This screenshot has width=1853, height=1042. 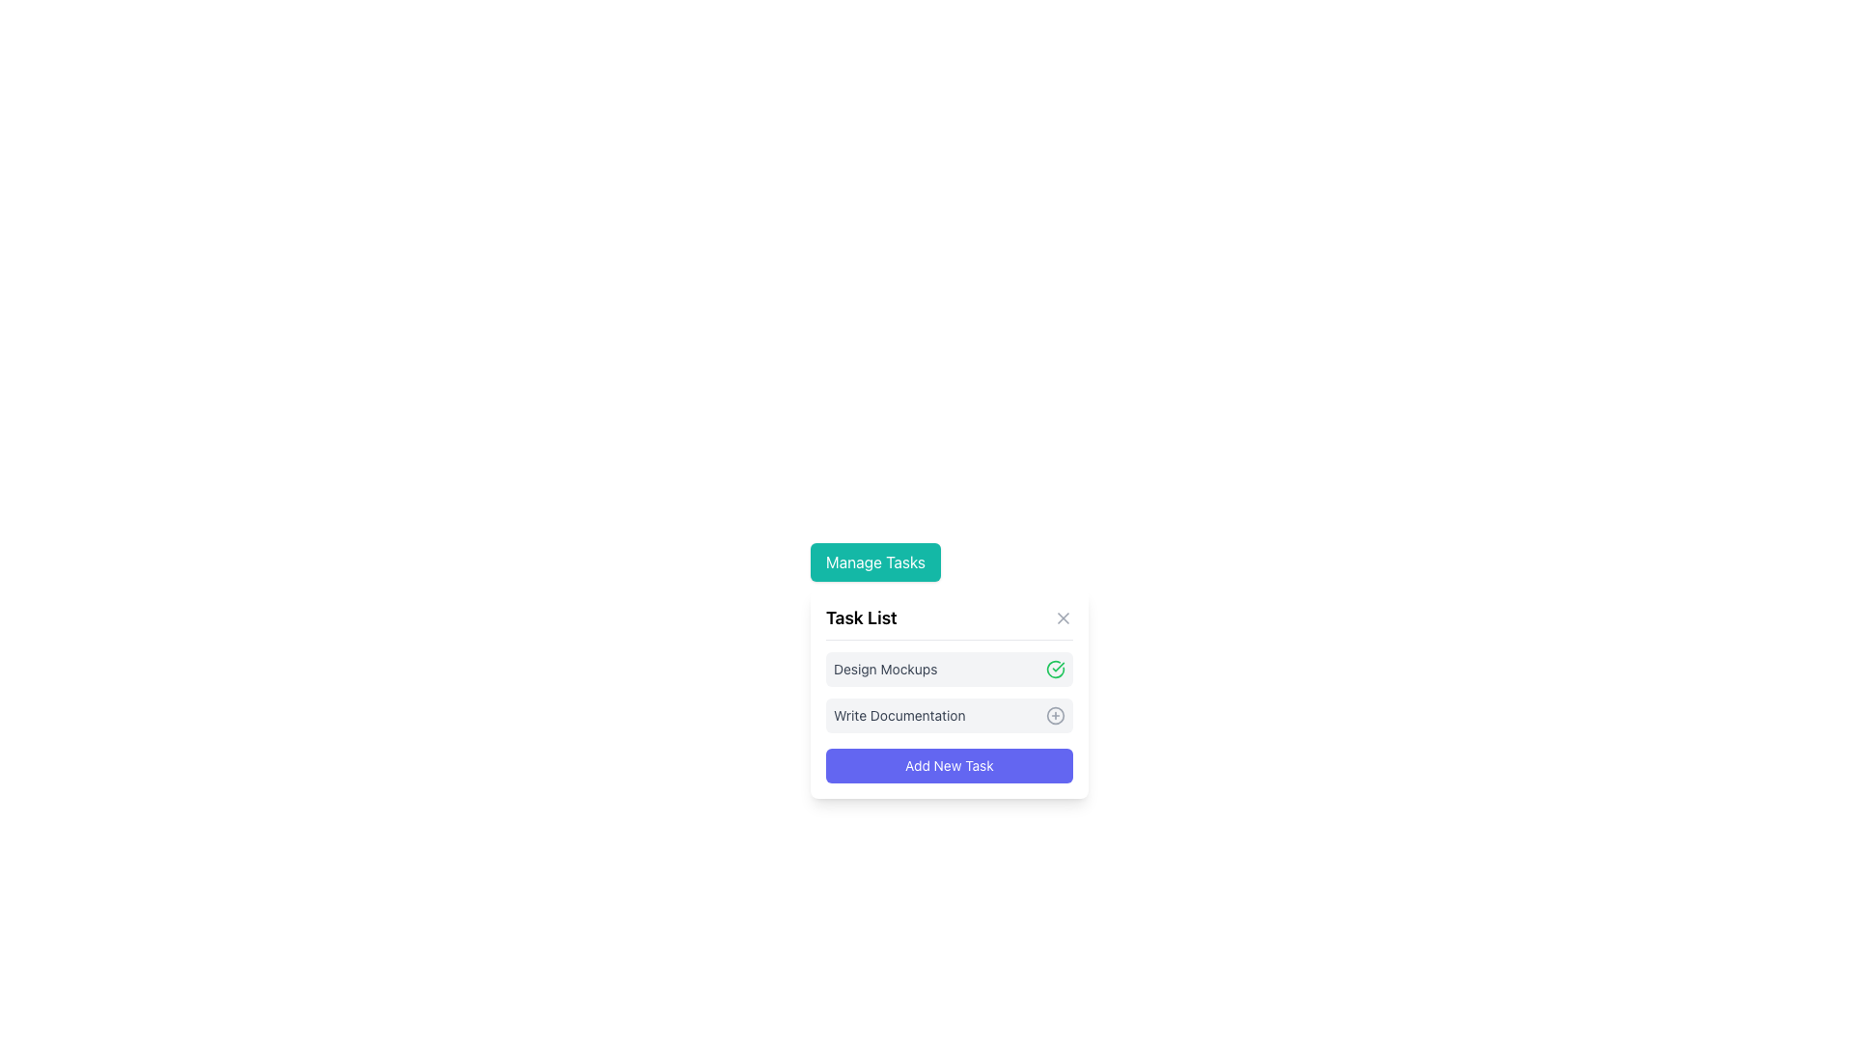 What do you see at coordinates (874, 562) in the screenshot?
I see `the 'Manage Tasks' button, which is a rectangular button with a teal background and white text, located above the 'Task List' header in the task management interface` at bounding box center [874, 562].